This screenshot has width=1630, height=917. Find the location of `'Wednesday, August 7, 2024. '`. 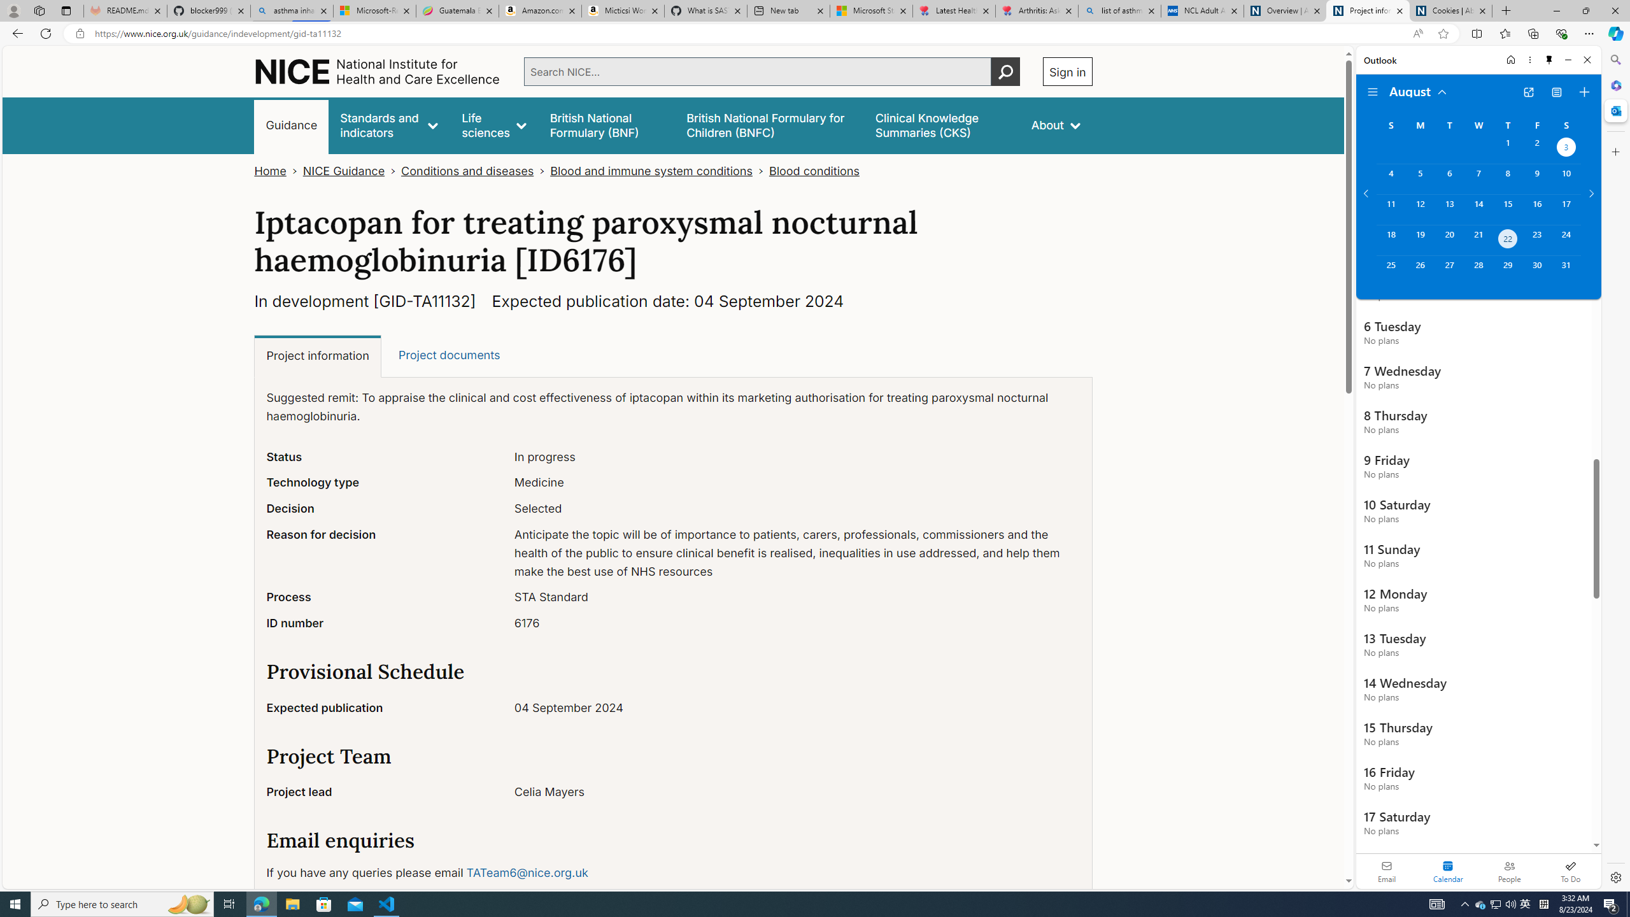

'Wednesday, August 7, 2024. ' is located at coordinates (1477, 178).